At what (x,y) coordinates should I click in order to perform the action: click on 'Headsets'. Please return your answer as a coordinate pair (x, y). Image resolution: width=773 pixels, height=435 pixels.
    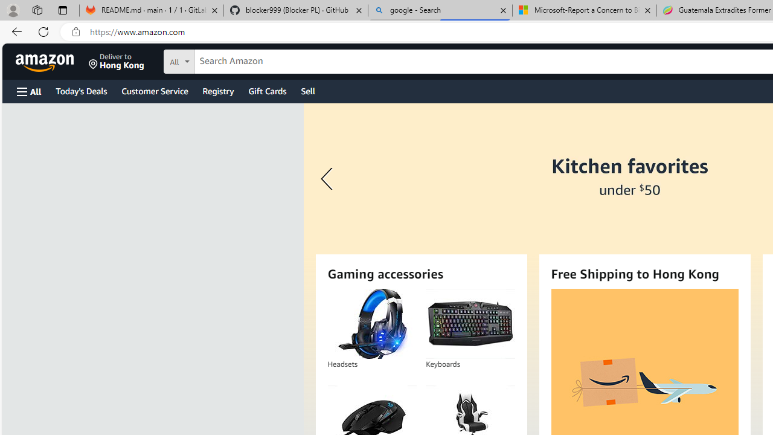
    Looking at the image, I should click on (371, 323).